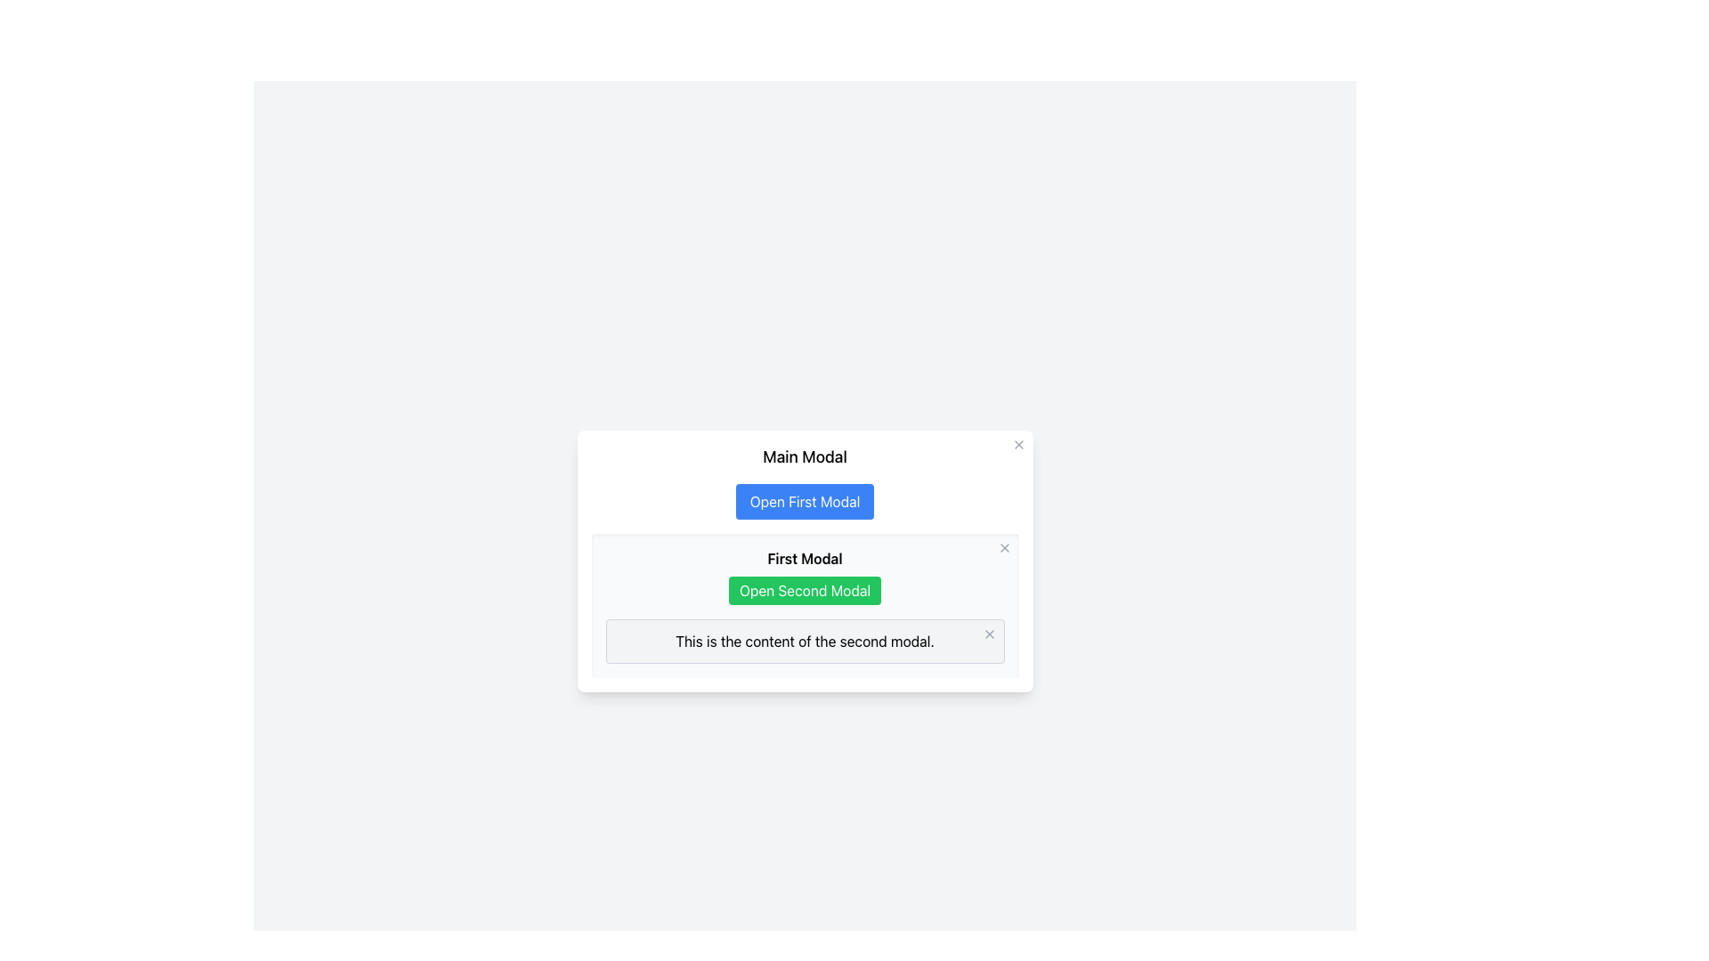 This screenshot has width=1709, height=961. Describe the element at coordinates (1018, 444) in the screenshot. I see `the close button located at the top-right corner of the 'Main Modal'` at that location.